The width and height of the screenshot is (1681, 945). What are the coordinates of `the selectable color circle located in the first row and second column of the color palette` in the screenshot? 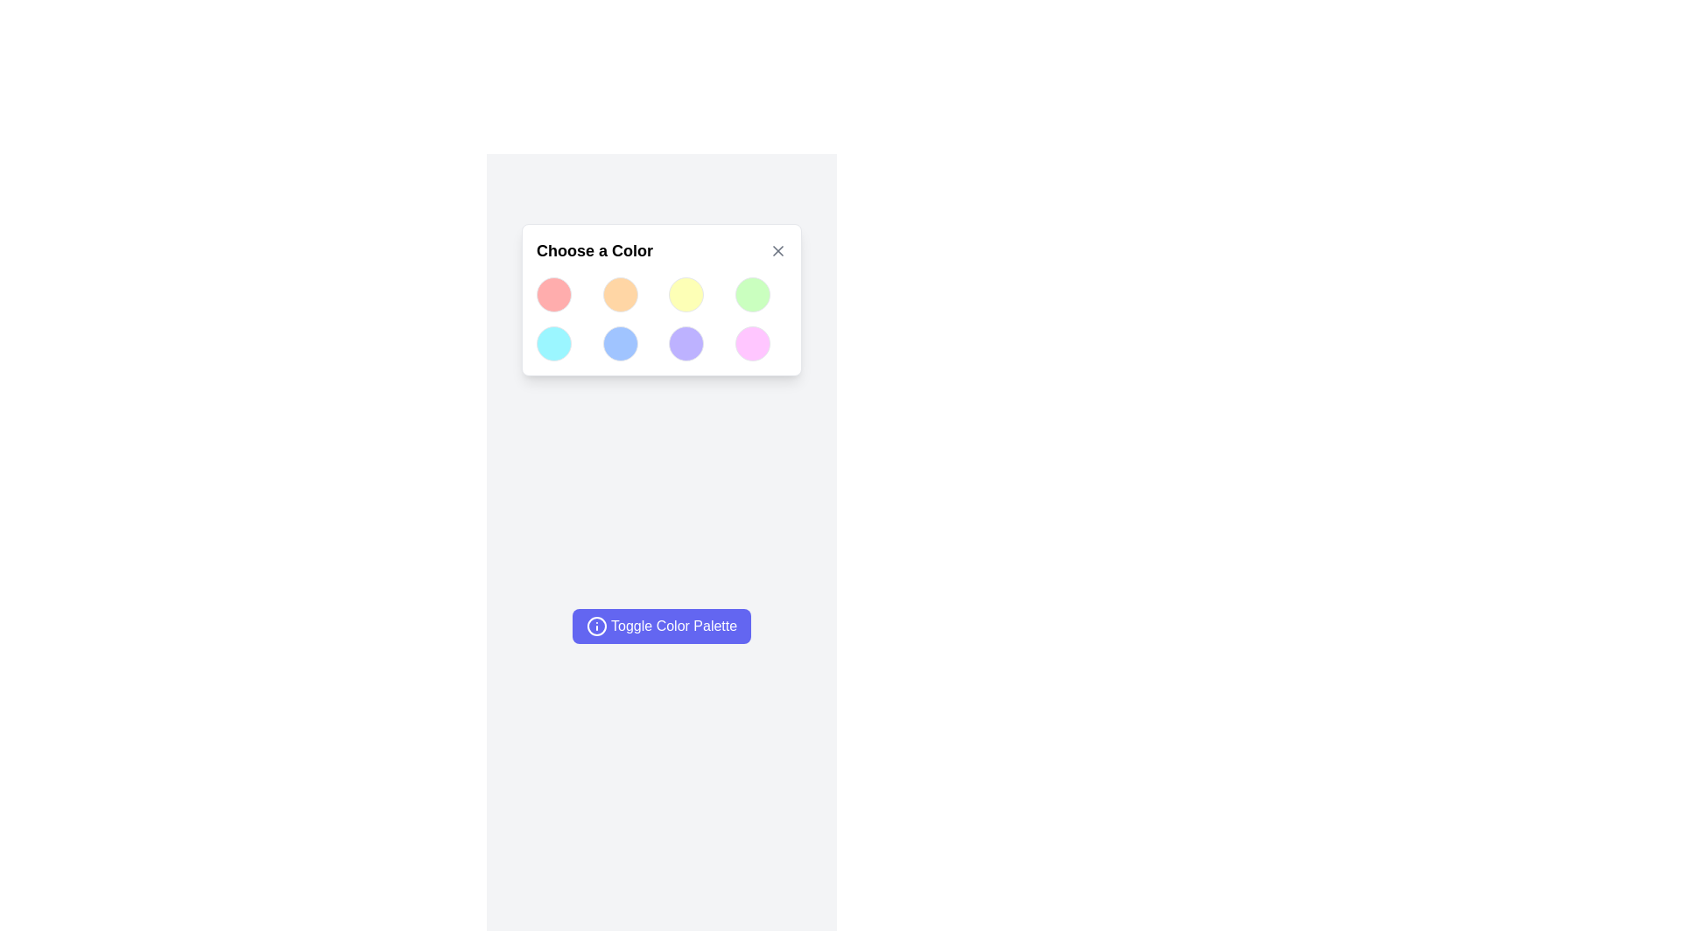 It's located at (620, 293).